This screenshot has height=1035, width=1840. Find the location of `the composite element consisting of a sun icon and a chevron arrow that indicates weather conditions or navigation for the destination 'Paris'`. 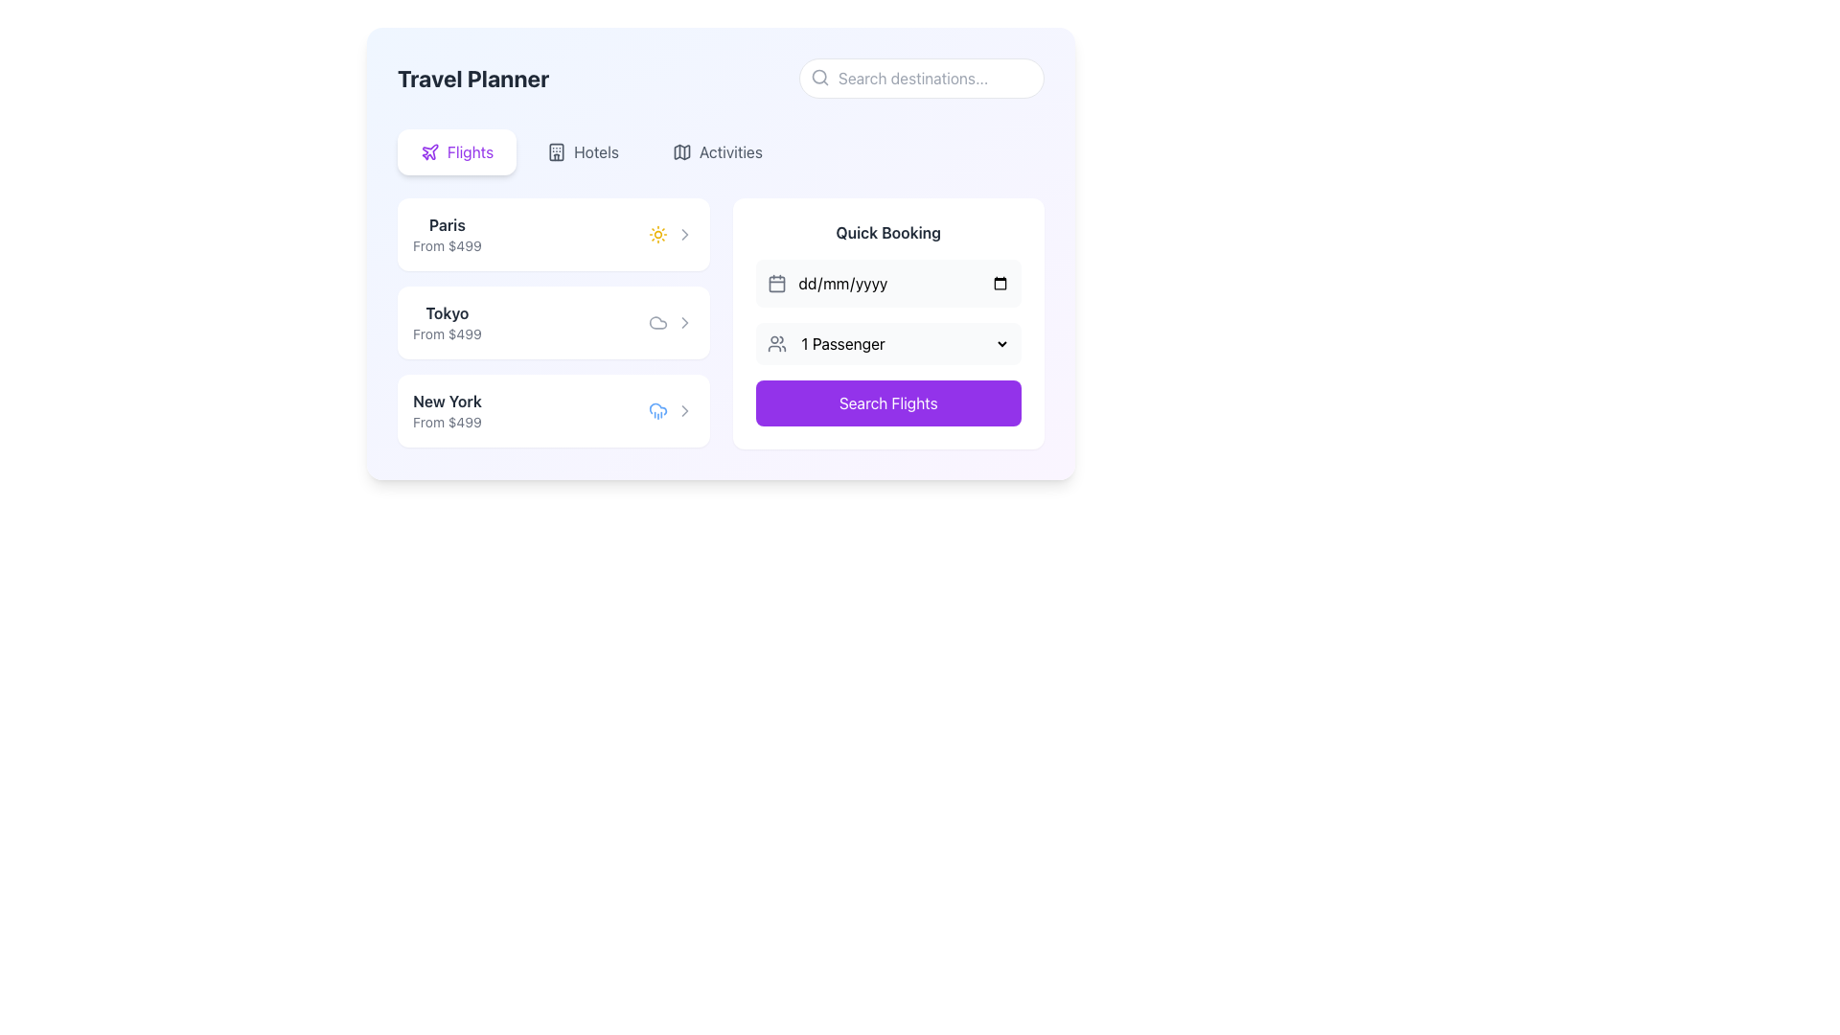

the composite element consisting of a sun icon and a chevron arrow that indicates weather conditions or navigation for the destination 'Paris' is located at coordinates (671, 234).